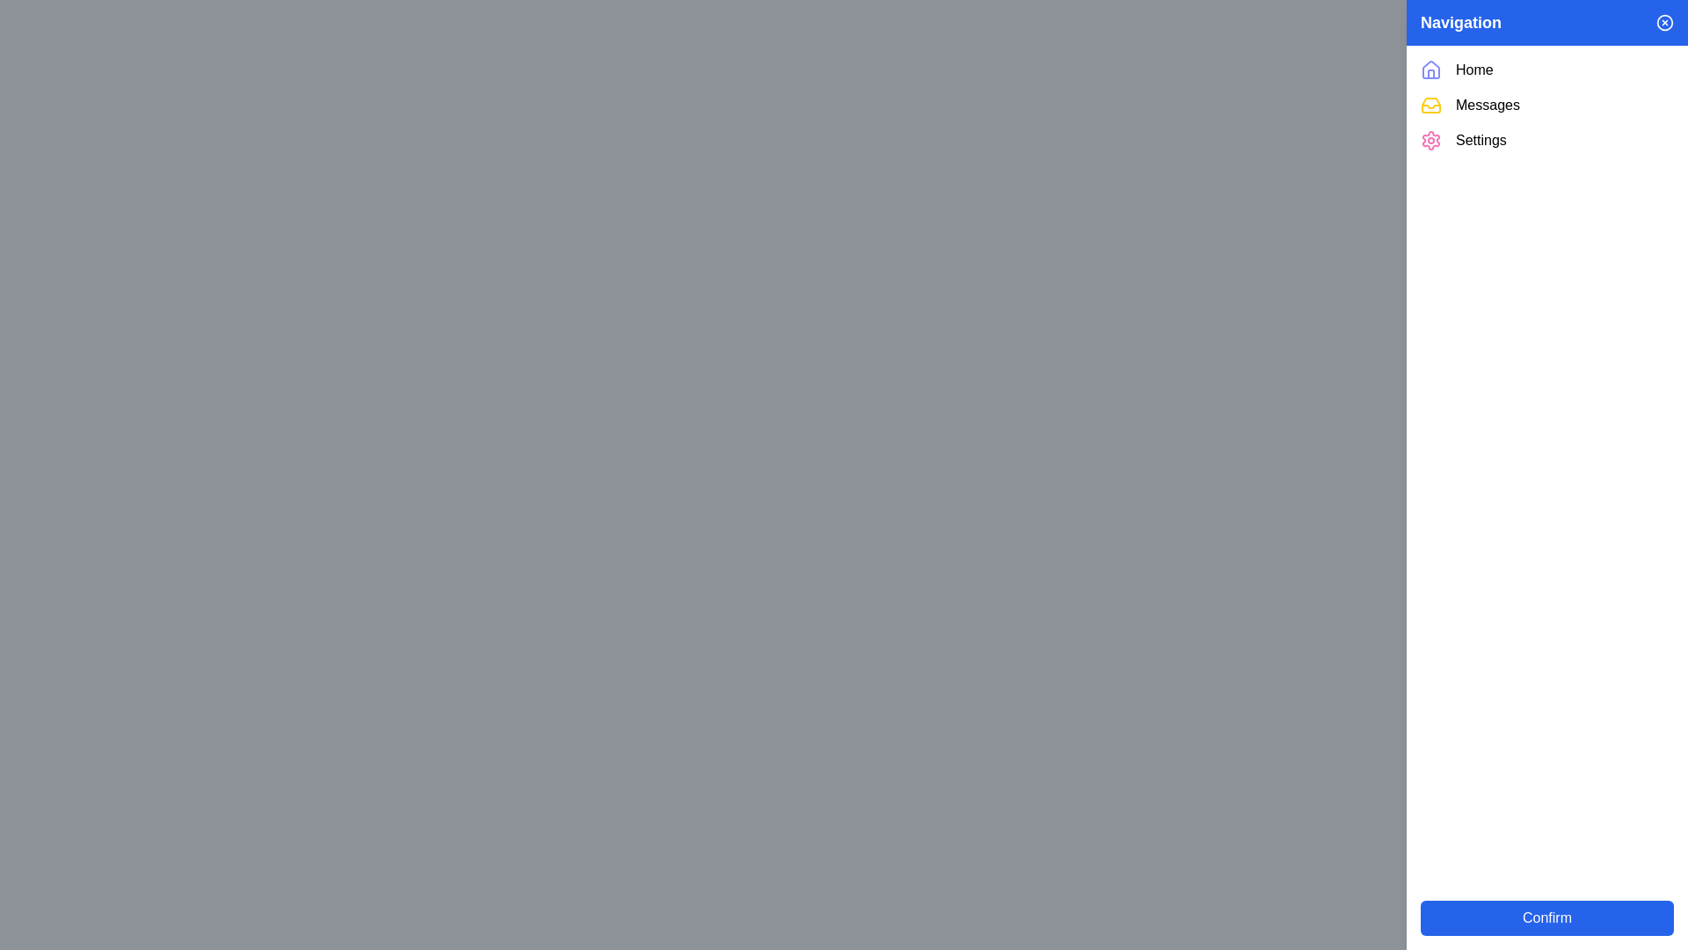  Describe the element at coordinates (1430, 139) in the screenshot. I see `the 'Settings' icon located in the vertical navigation menu, which is the leftmost icon next to the 'Settings' text label` at that location.